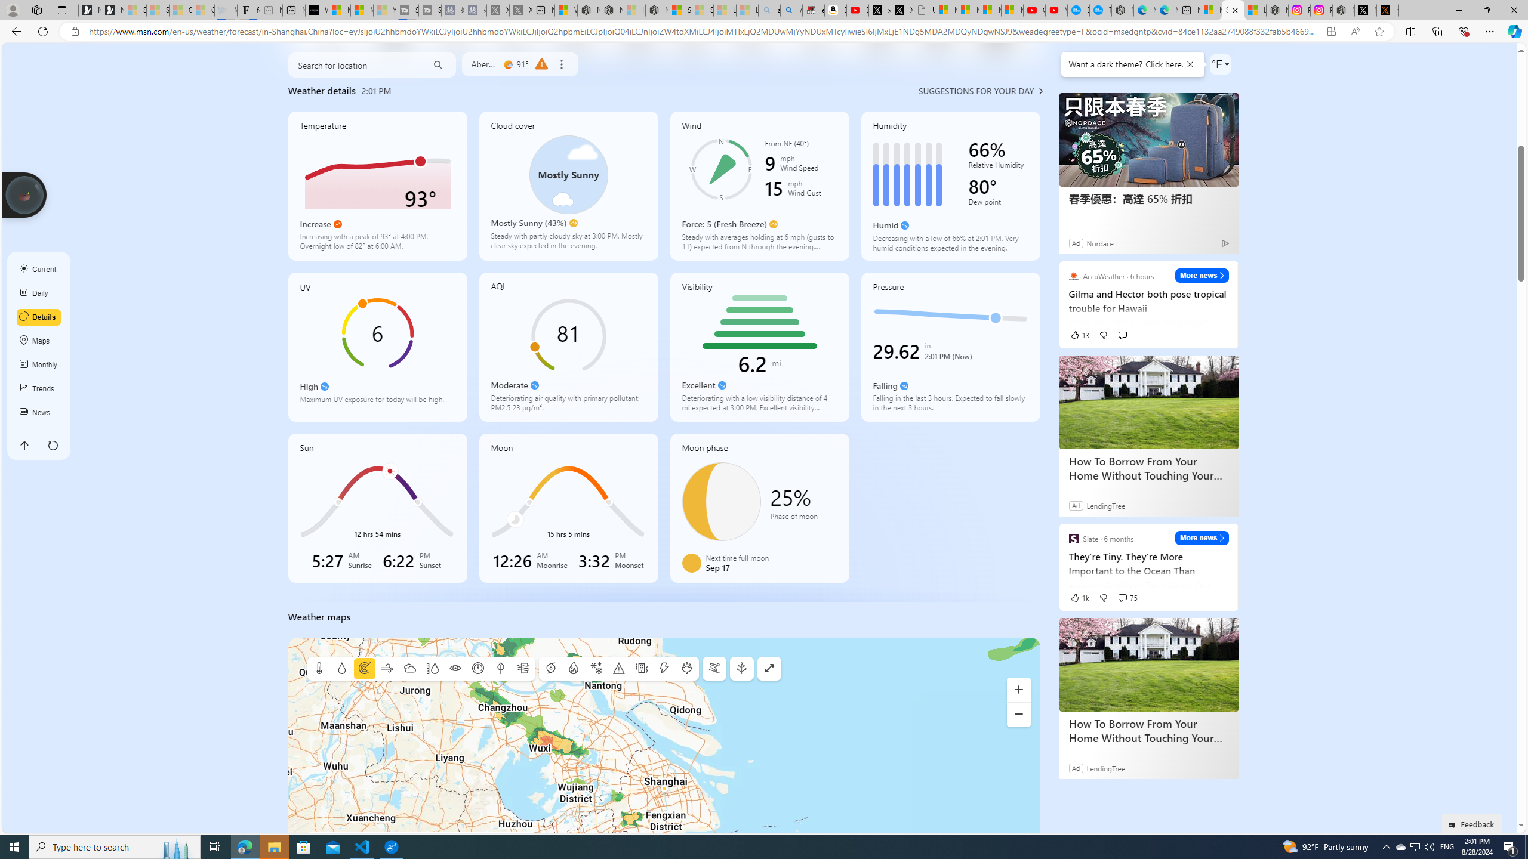  I want to click on 'Current', so click(39, 269).